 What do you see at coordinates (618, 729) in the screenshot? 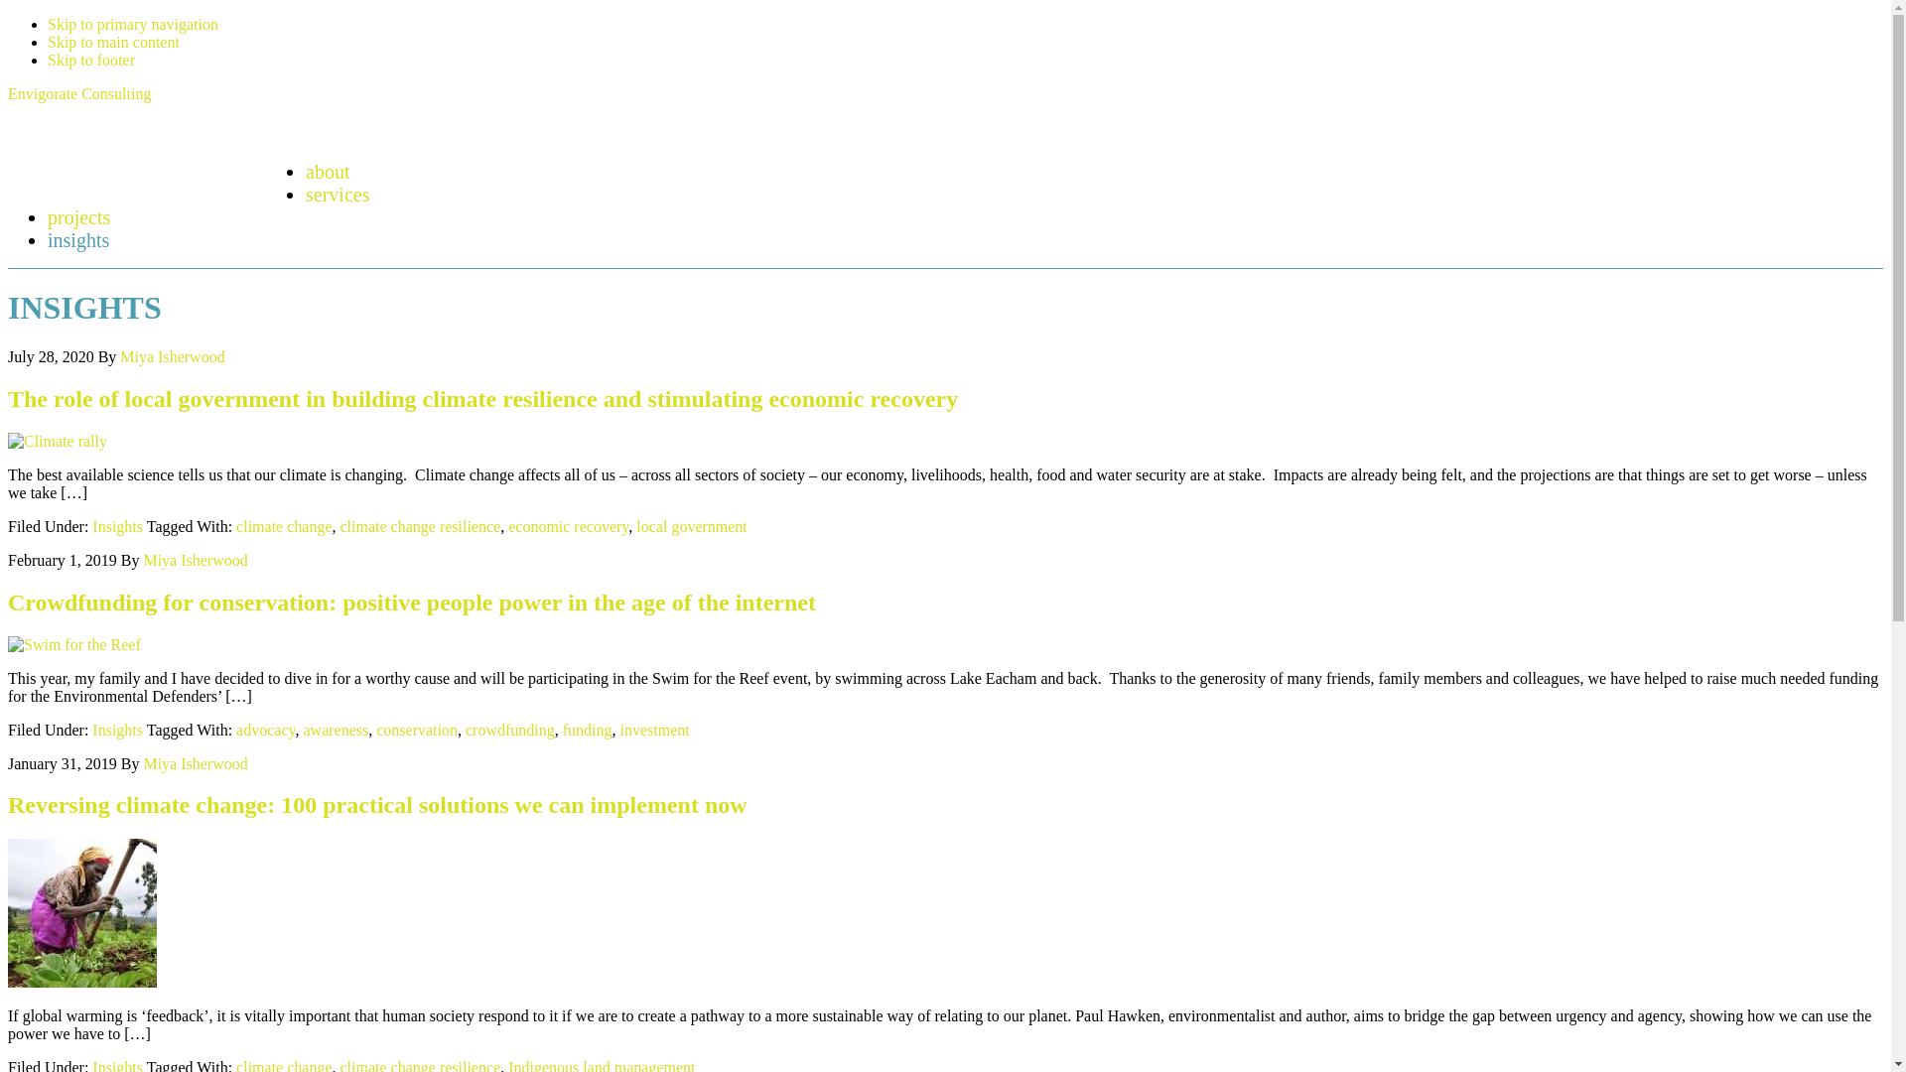
I see `'investment'` at bounding box center [618, 729].